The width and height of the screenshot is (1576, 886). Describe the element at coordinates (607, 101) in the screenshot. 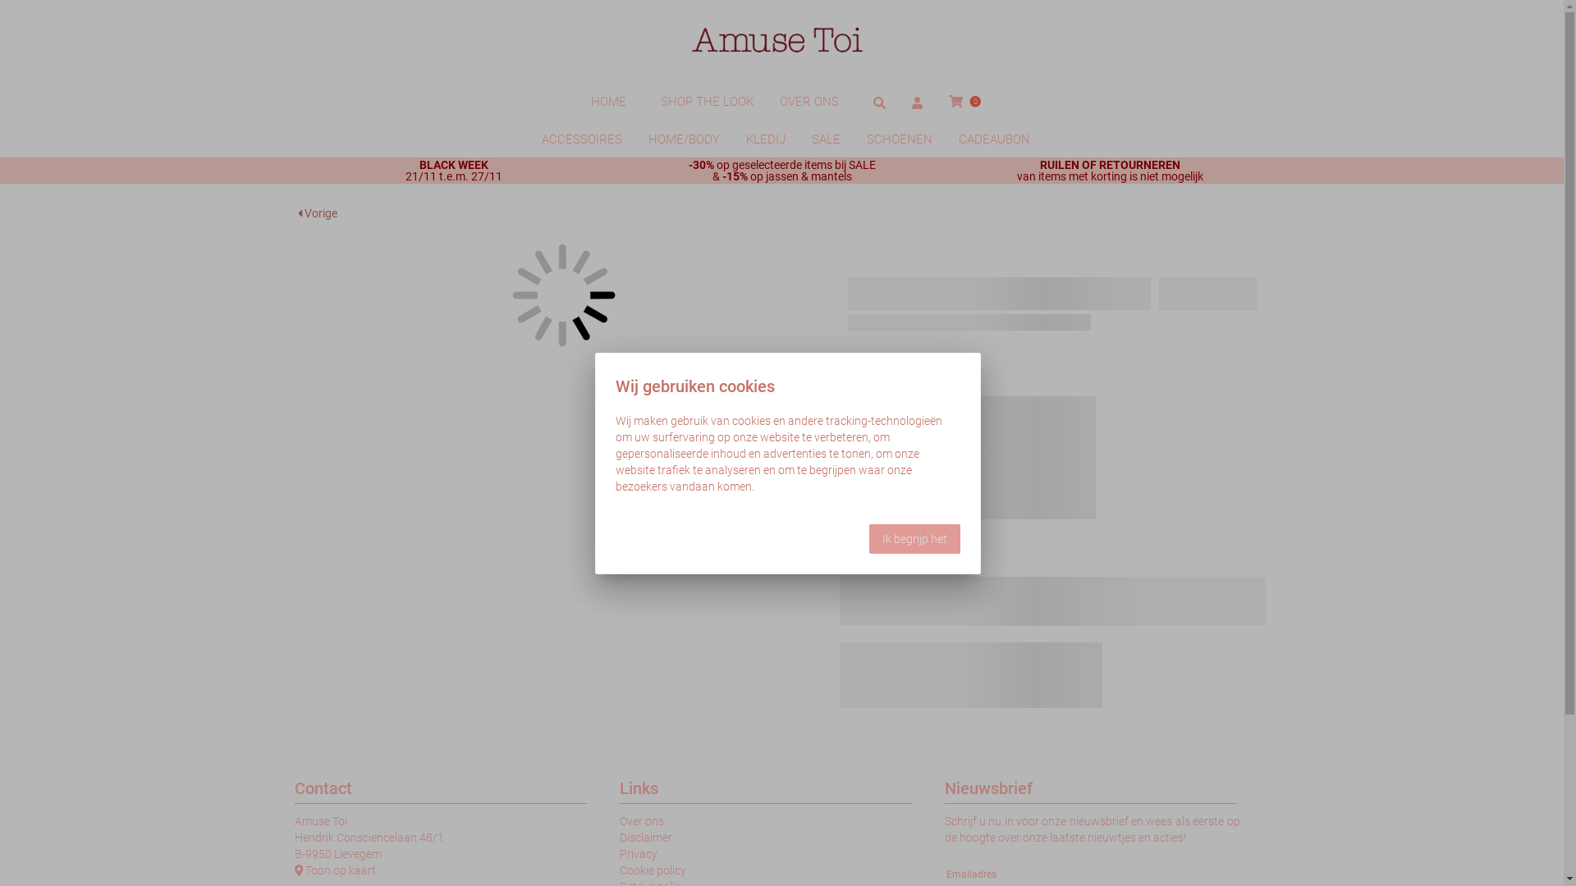

I see `'HOME'` at that location.